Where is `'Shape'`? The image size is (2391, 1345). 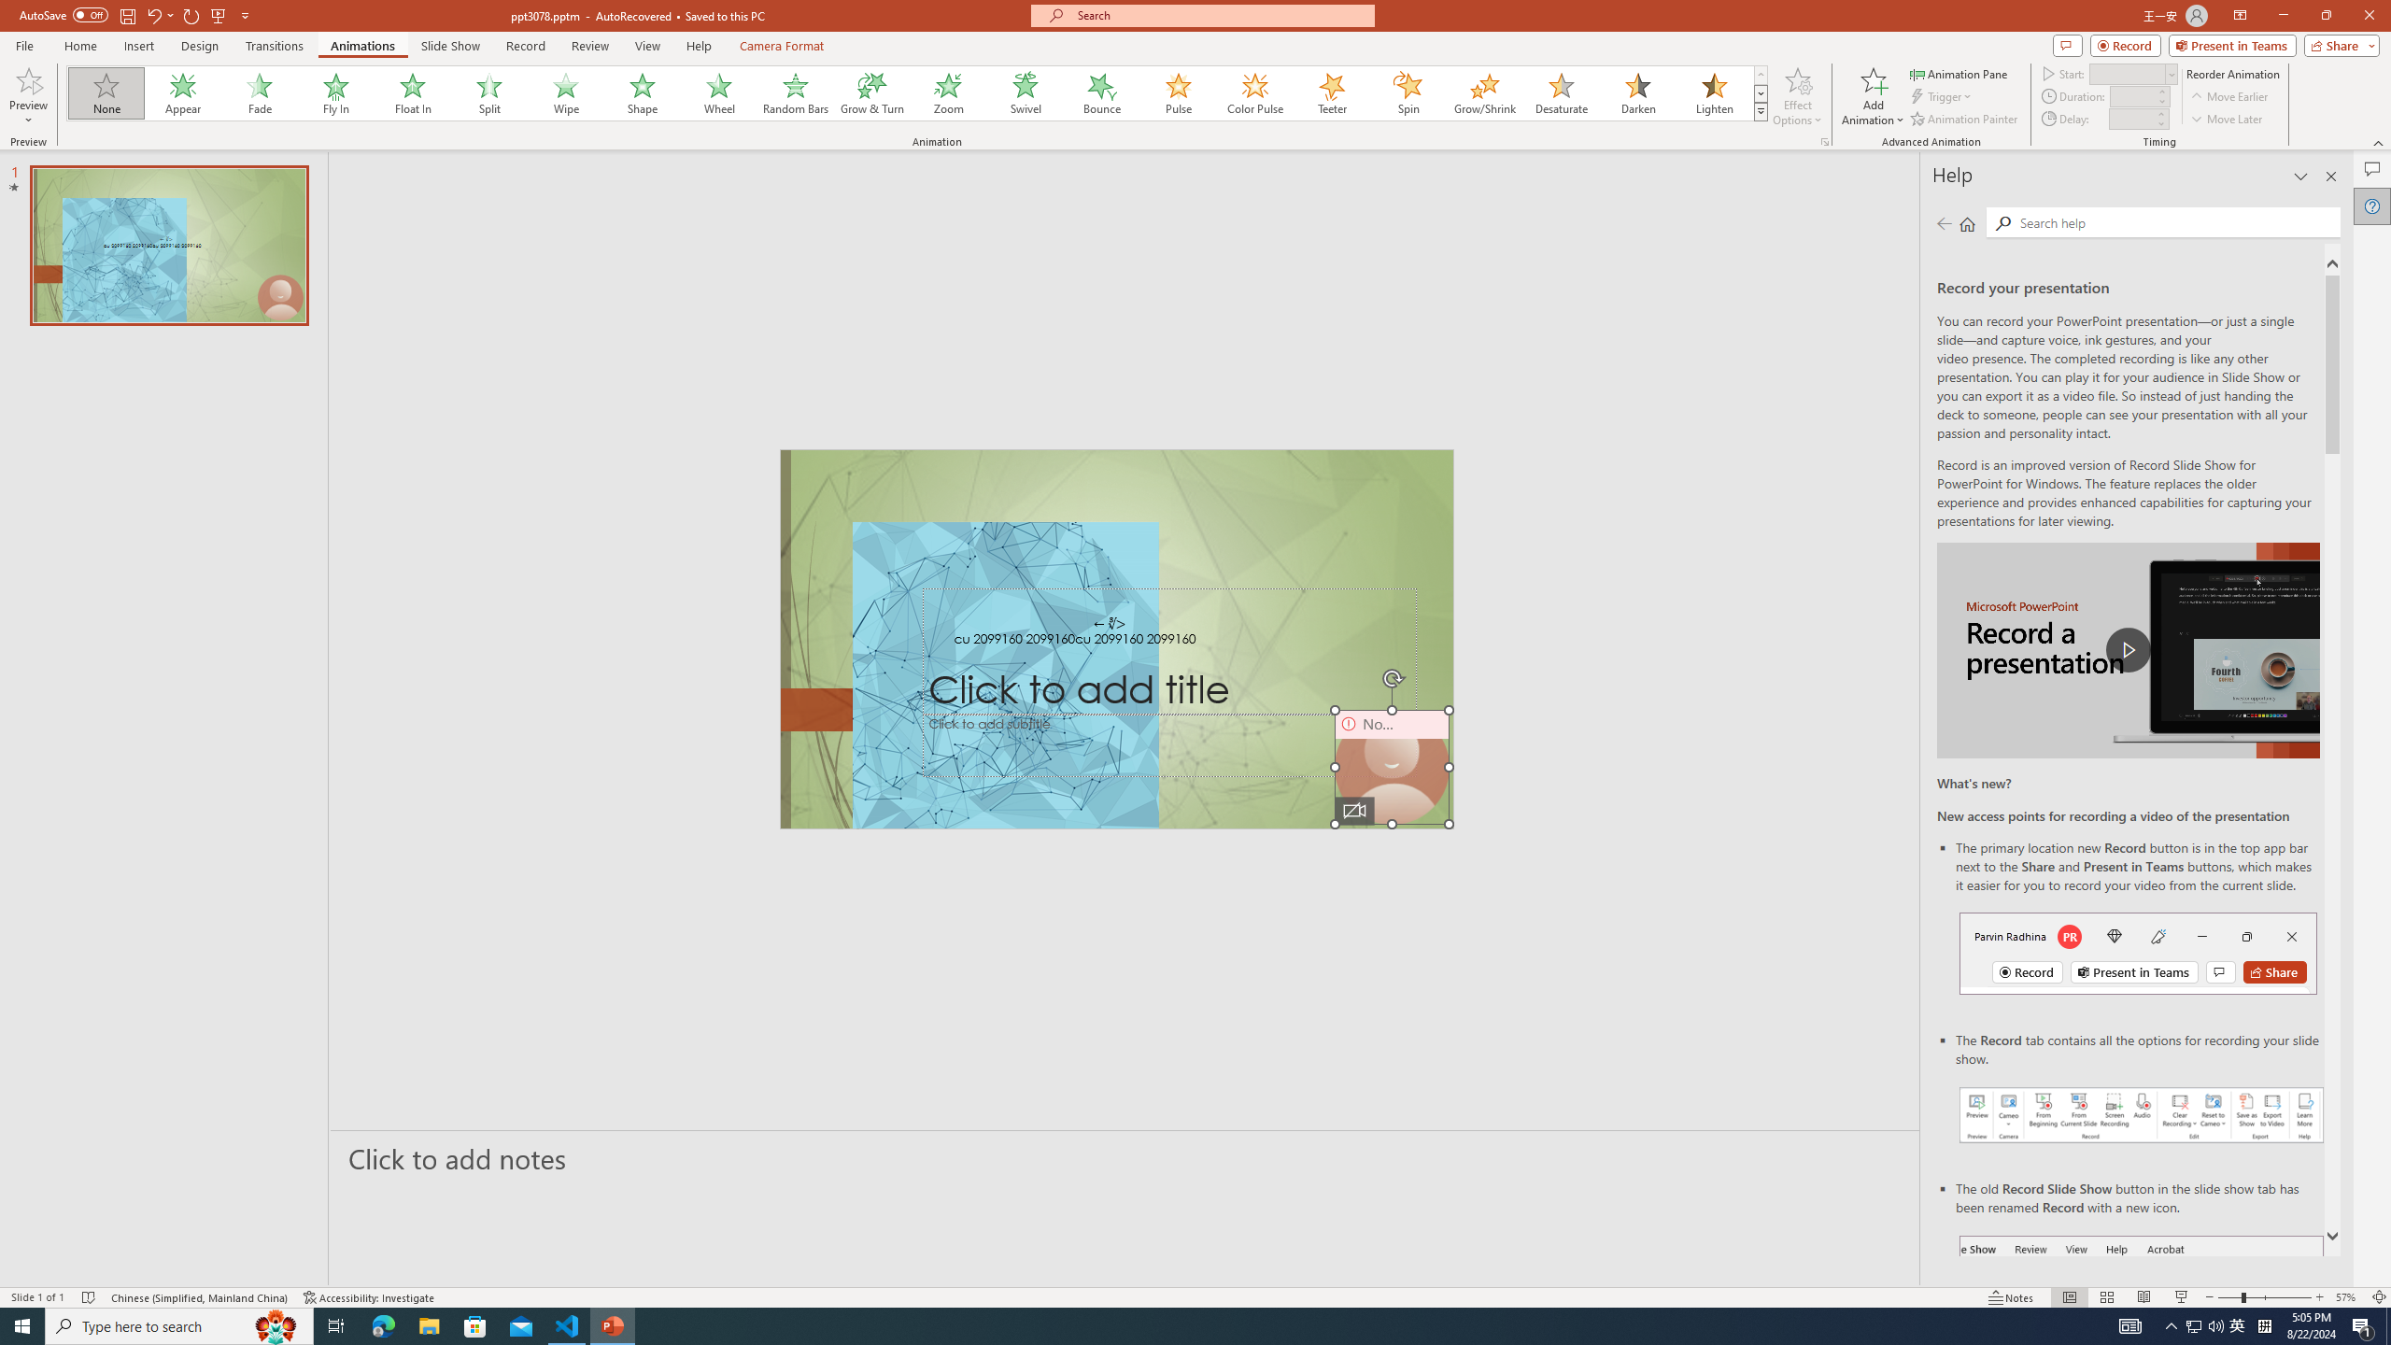 'Shape' is located at coordinates (643, 92).